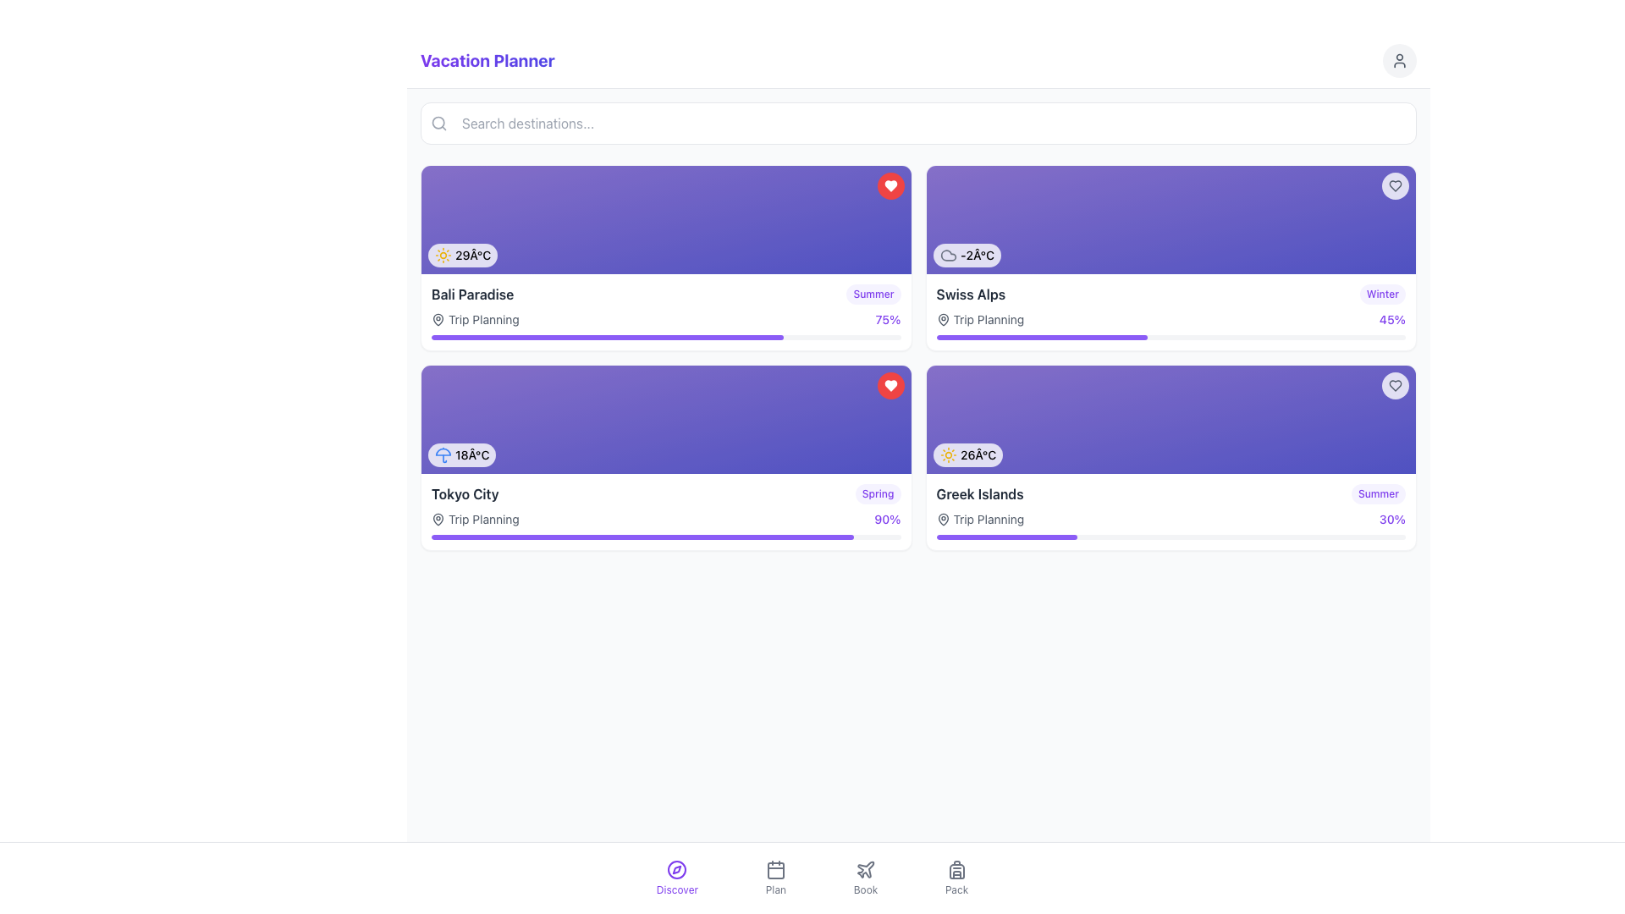 The height and width of the screenshot is (914, 1625). I want to click on the search icon, which is a light gray magnifying glass symbol located at the left edge of the input search box beneath the 'Vacation Planner' title, so click(438, 123).